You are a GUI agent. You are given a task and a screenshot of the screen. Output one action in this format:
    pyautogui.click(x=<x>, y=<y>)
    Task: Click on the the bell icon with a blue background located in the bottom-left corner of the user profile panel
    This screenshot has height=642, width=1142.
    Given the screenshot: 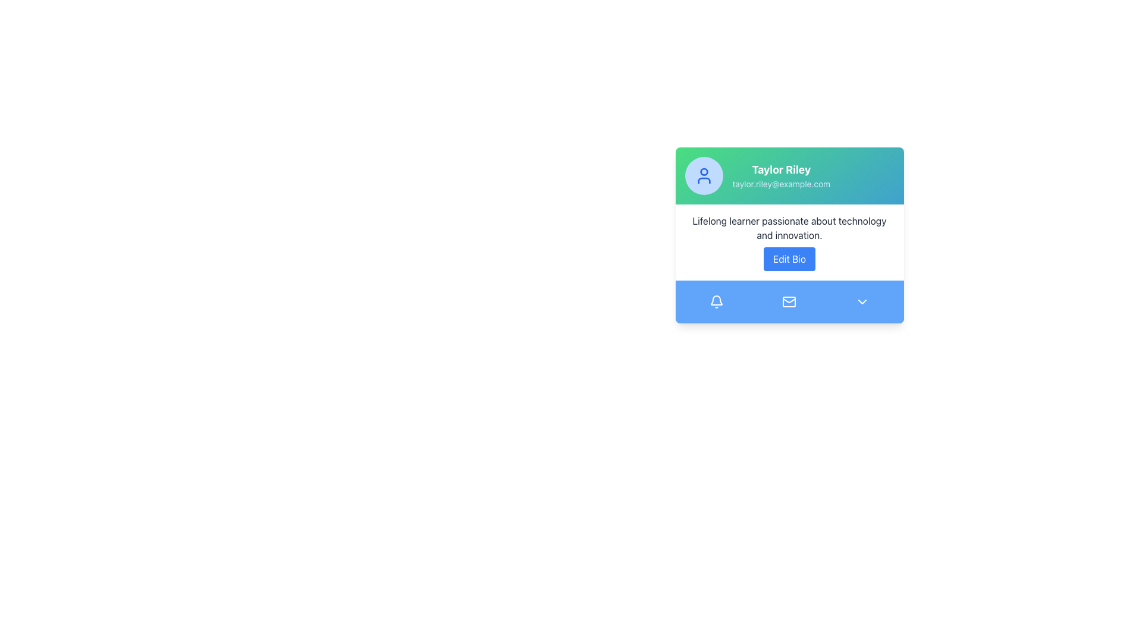 What is the action you would take?
    pyautogui.click(x=716, y=301)
    